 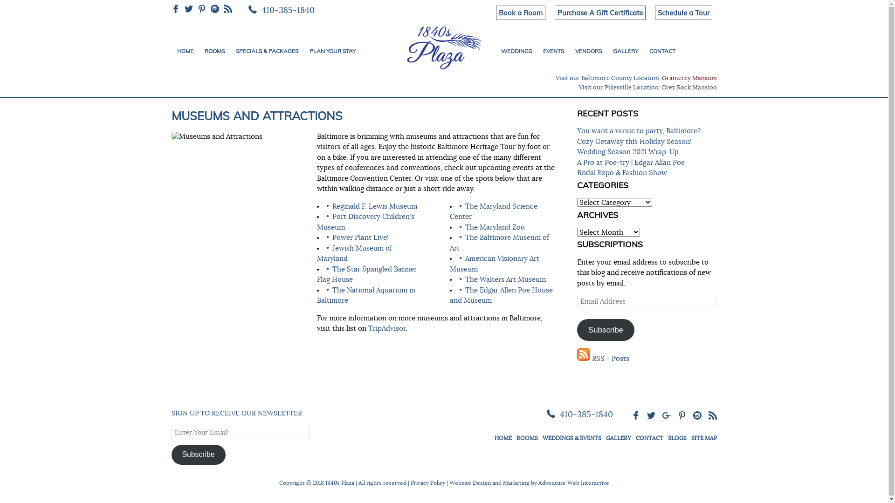 I want to click on 'CONTACT', so click(x=649, y=438).